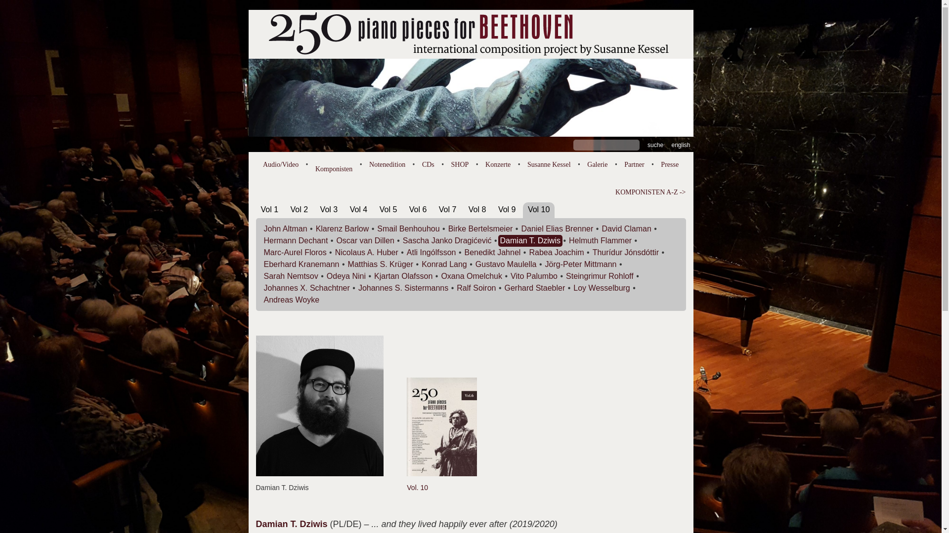  I want to click on 'Vol 10', so click(538, 209).